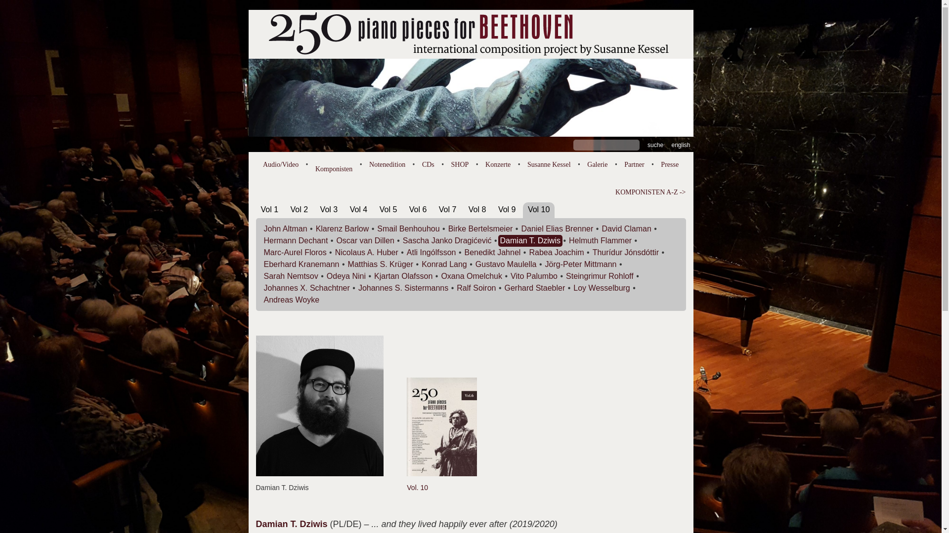  I want to click on 'Vol 10', so click(538, 209).